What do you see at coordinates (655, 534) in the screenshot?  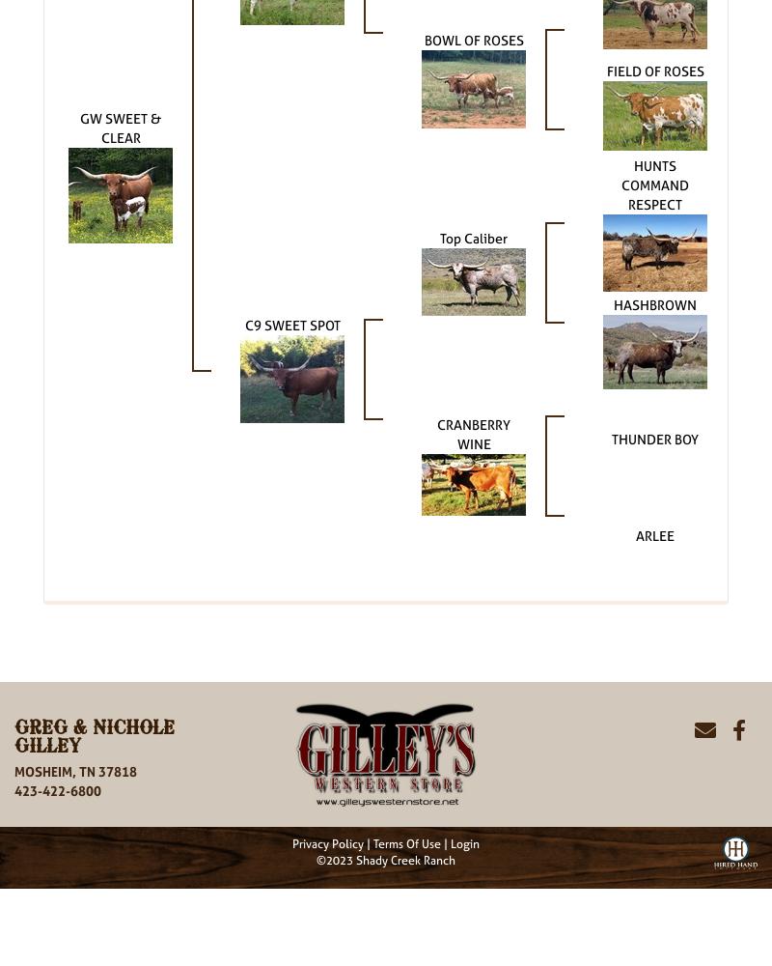 I see `'ARLEE'` at bounding box center [655, 534].